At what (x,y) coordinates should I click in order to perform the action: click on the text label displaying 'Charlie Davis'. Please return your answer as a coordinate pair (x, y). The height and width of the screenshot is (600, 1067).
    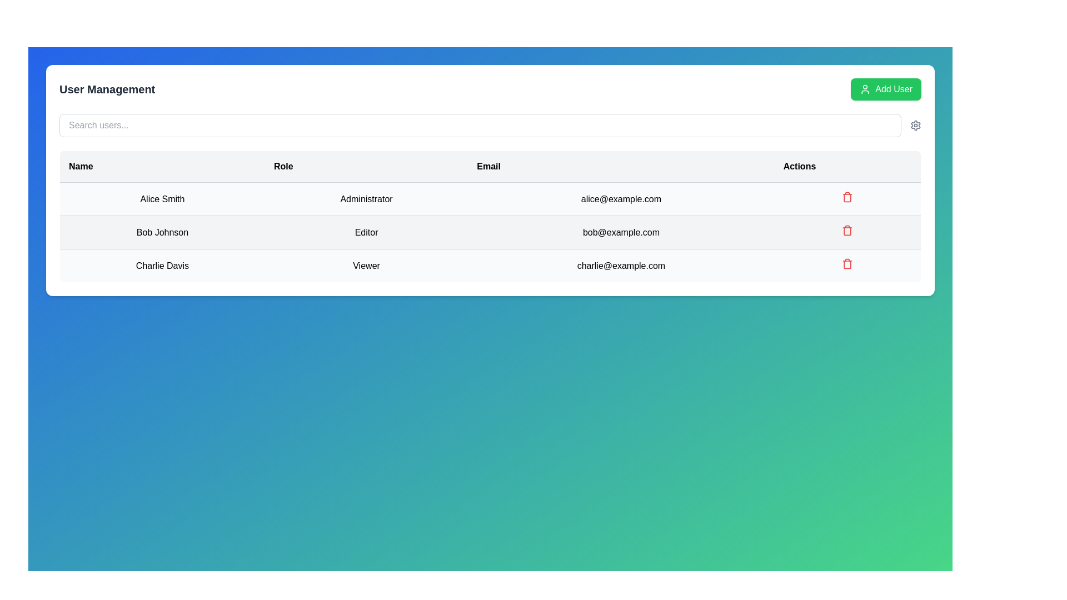
    Looking at the image, I should click on (162, 266).